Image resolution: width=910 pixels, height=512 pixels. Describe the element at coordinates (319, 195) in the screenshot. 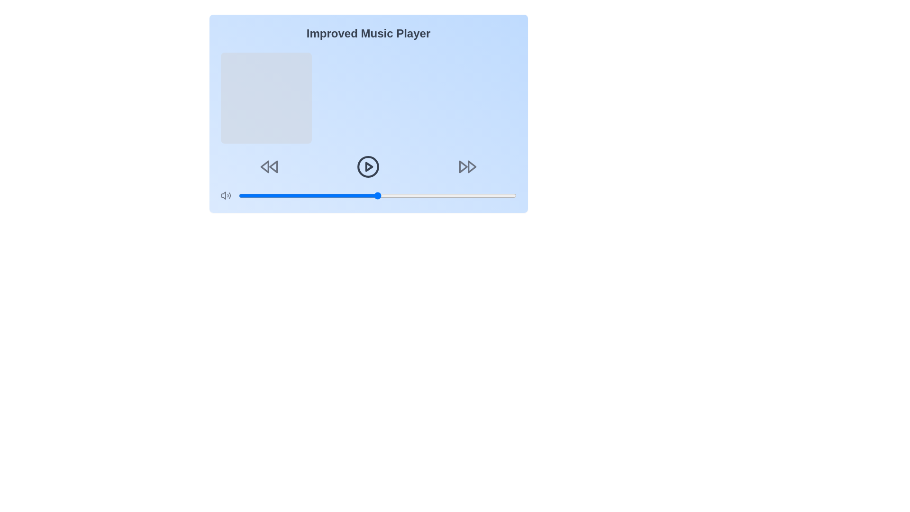

I see `the volume` at that location.